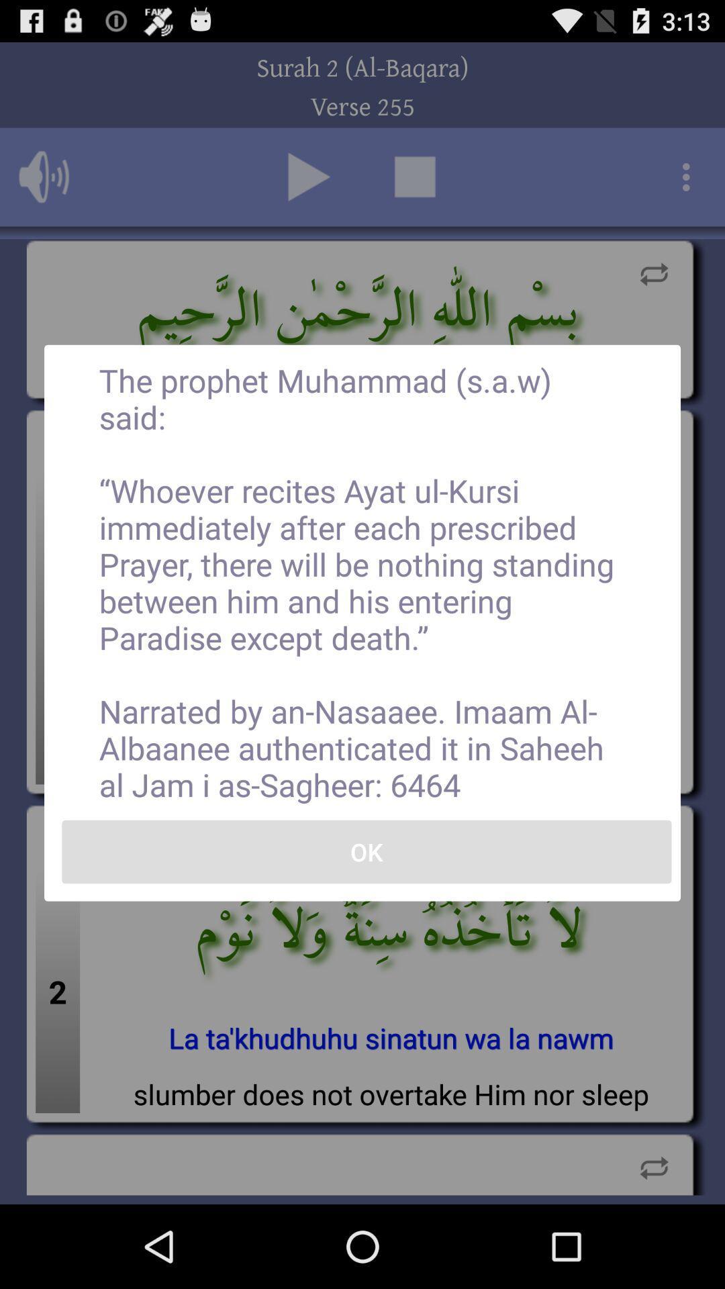 Image resolution: width=725 pixels, height=1289 pixels. Describe the element at coordinates (362, 582) in the screenshot. I see `the the prophet muhammad` at that location.